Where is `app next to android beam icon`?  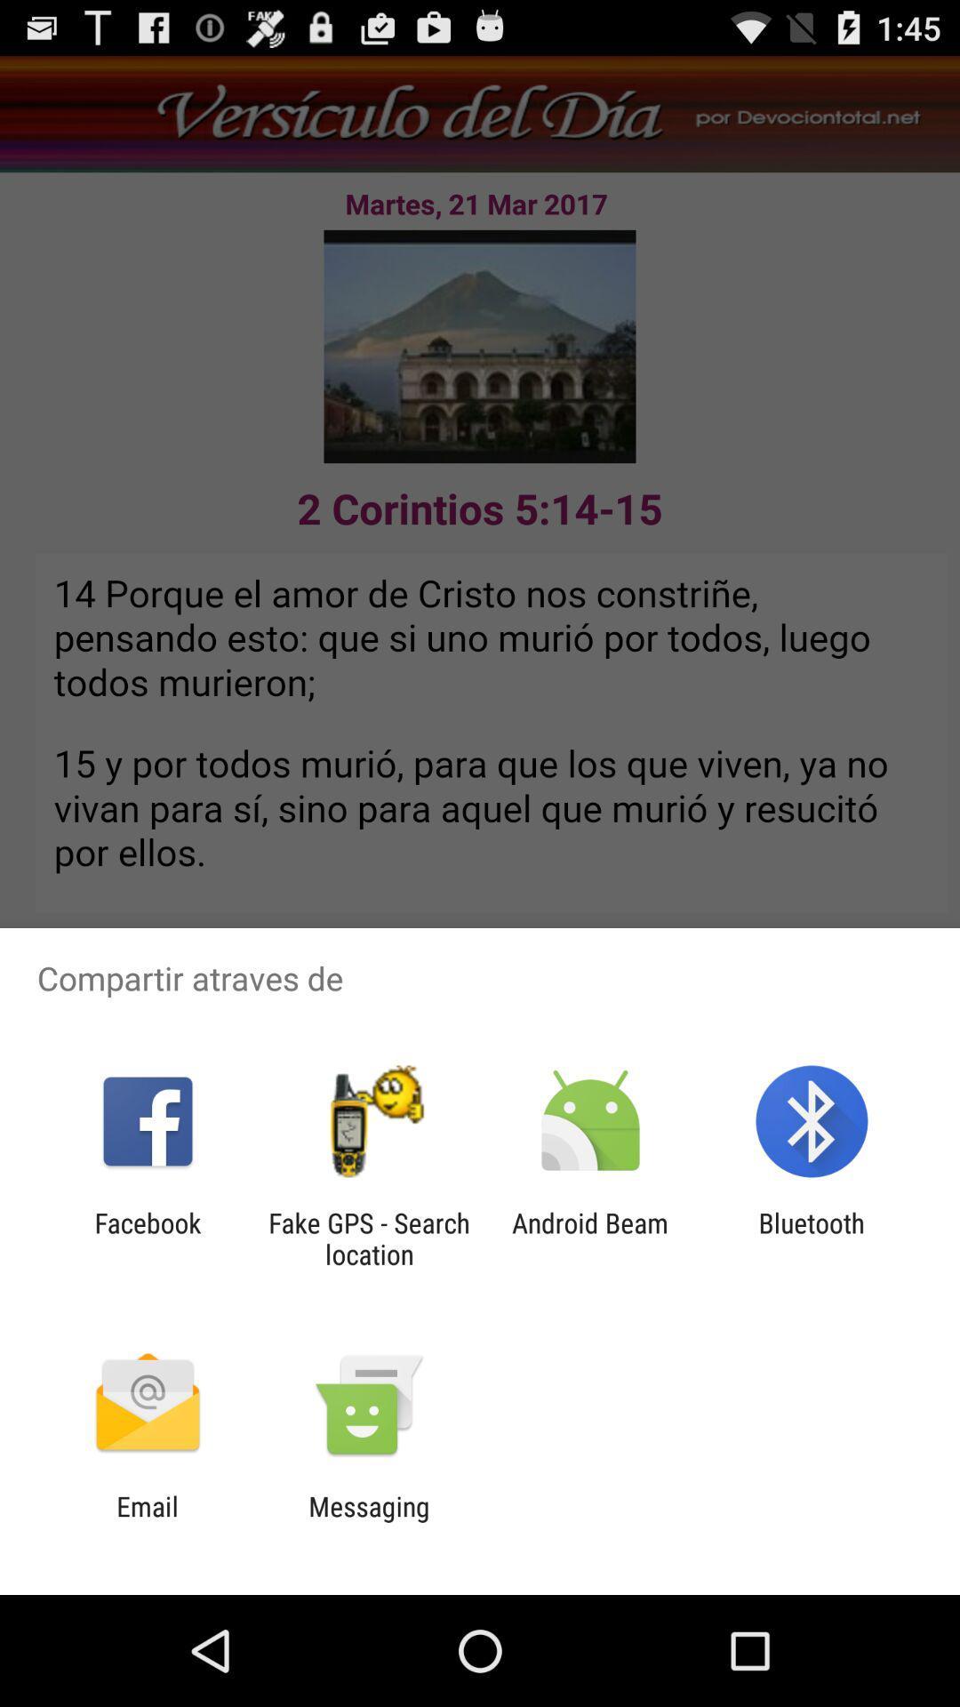 app next to android beam icon is located at coordinates (368, 1238).